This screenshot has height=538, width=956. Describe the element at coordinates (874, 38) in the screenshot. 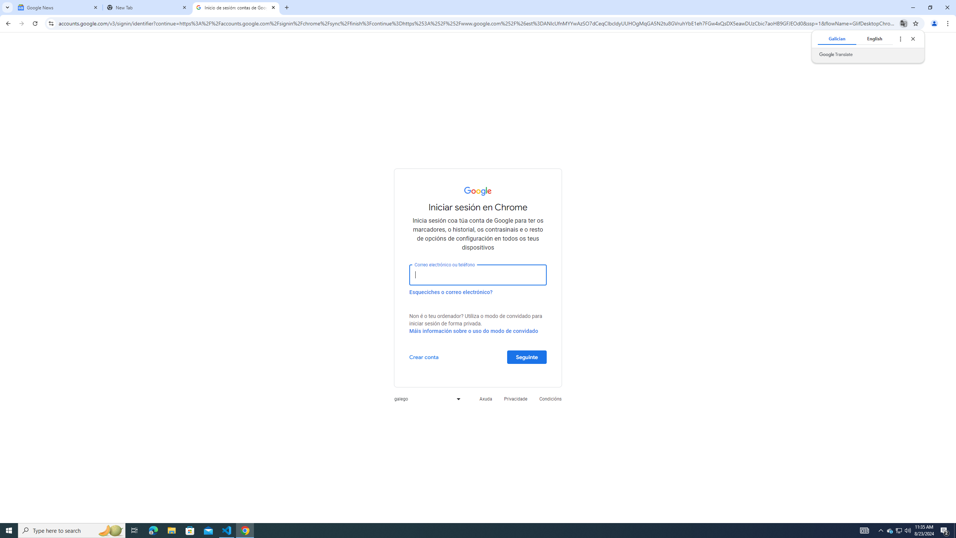

I see `'English'` at that location.